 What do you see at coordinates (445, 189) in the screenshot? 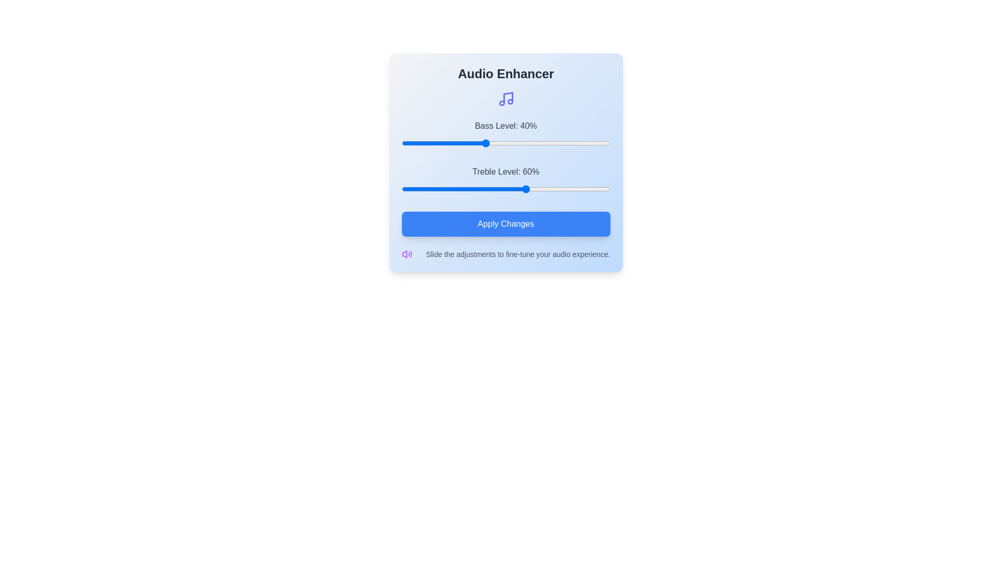
I see `the treble slider to 21%` at bounding box center [445, 189].